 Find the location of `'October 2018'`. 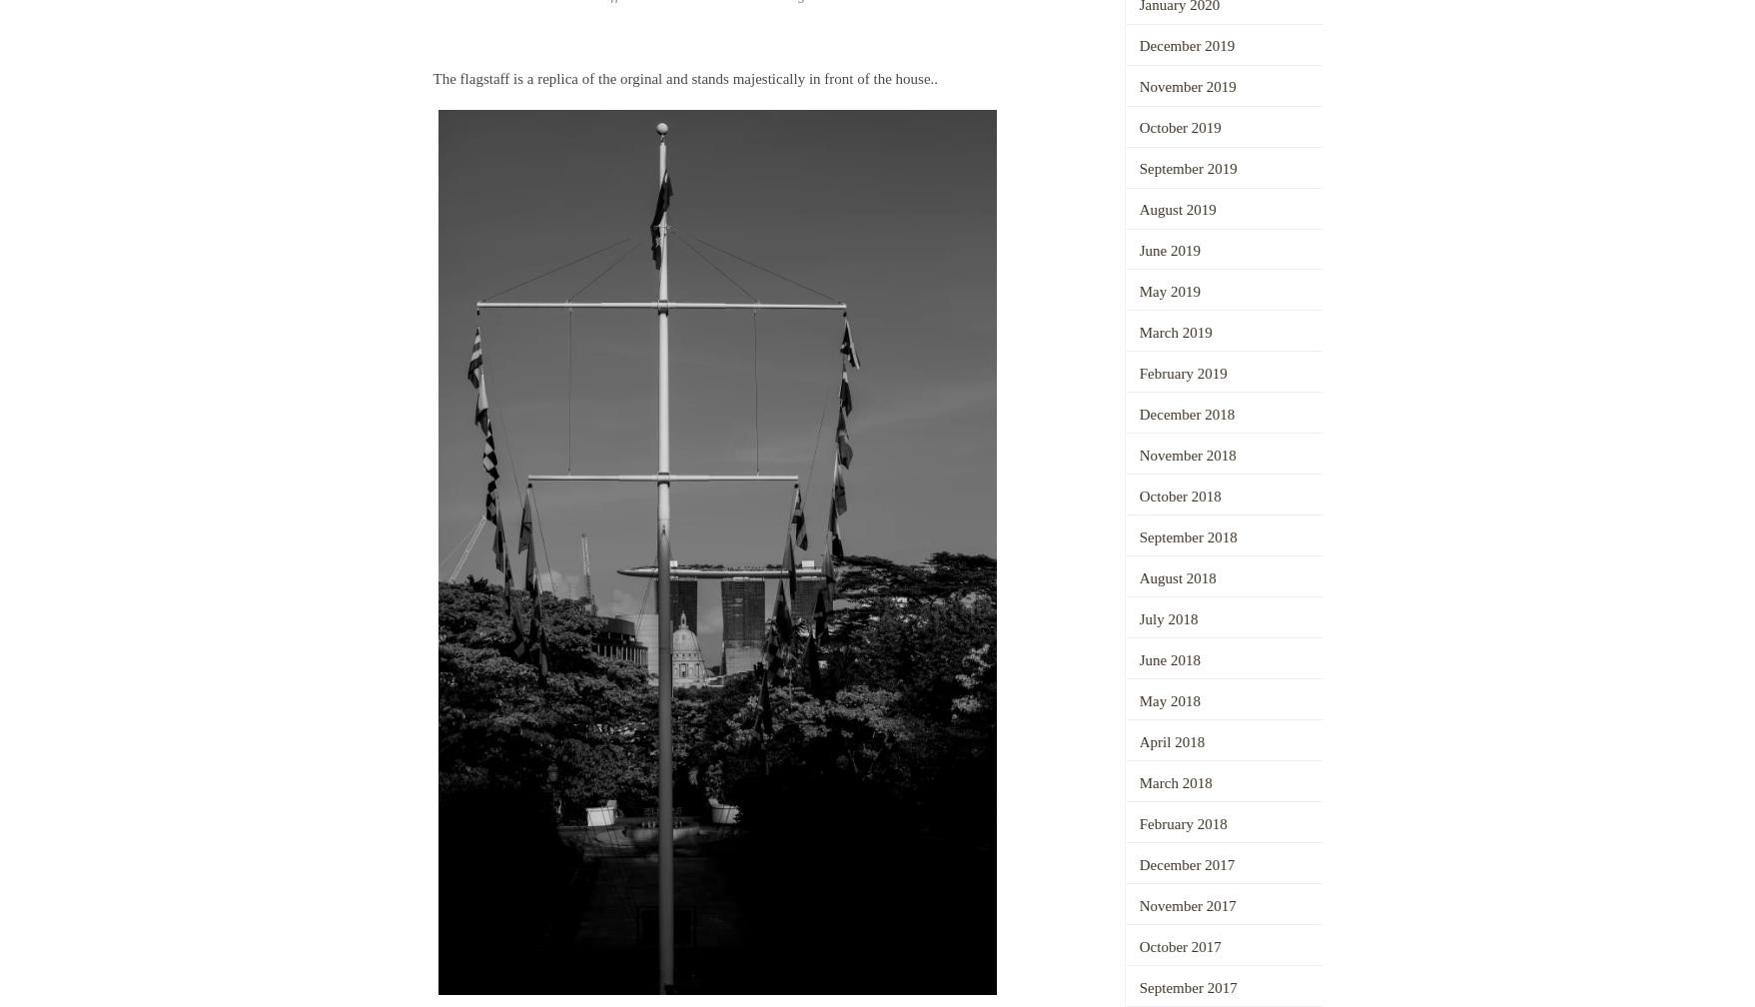

'October 2018' is located at coordinates (1179, 497).